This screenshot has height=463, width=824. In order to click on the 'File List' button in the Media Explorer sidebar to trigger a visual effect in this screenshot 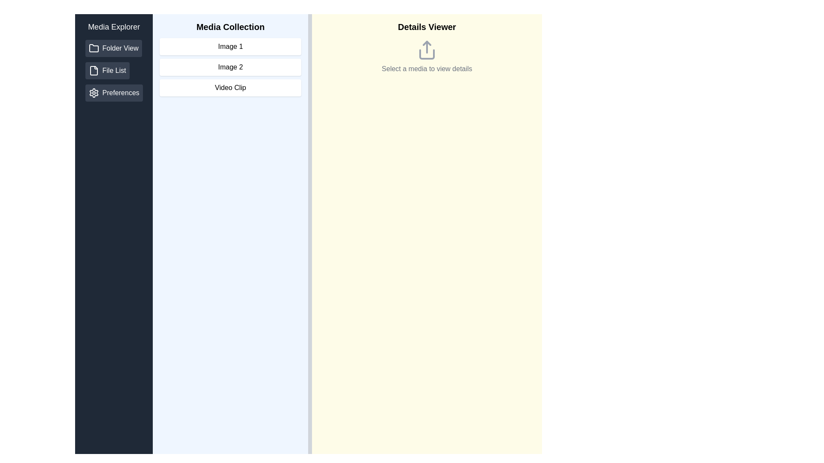, I will do `click(107, 70)`.